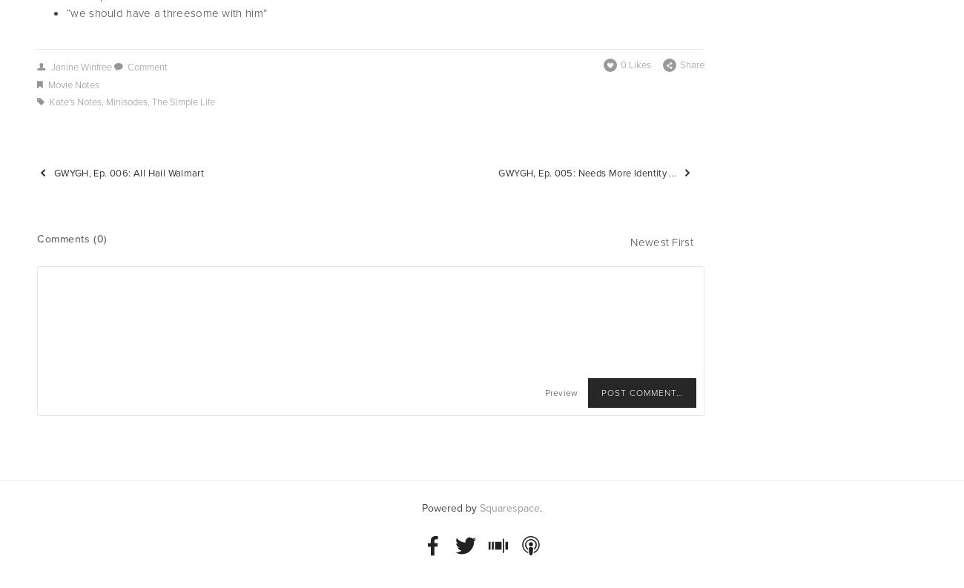  Describe the element at coordinates (661, 242) in the screenshot. I see `'Newest First'` at that location.